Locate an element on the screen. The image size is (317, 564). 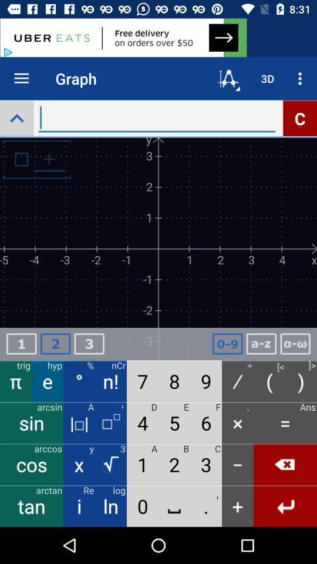
apply formula is located at coordinates (295, 344).